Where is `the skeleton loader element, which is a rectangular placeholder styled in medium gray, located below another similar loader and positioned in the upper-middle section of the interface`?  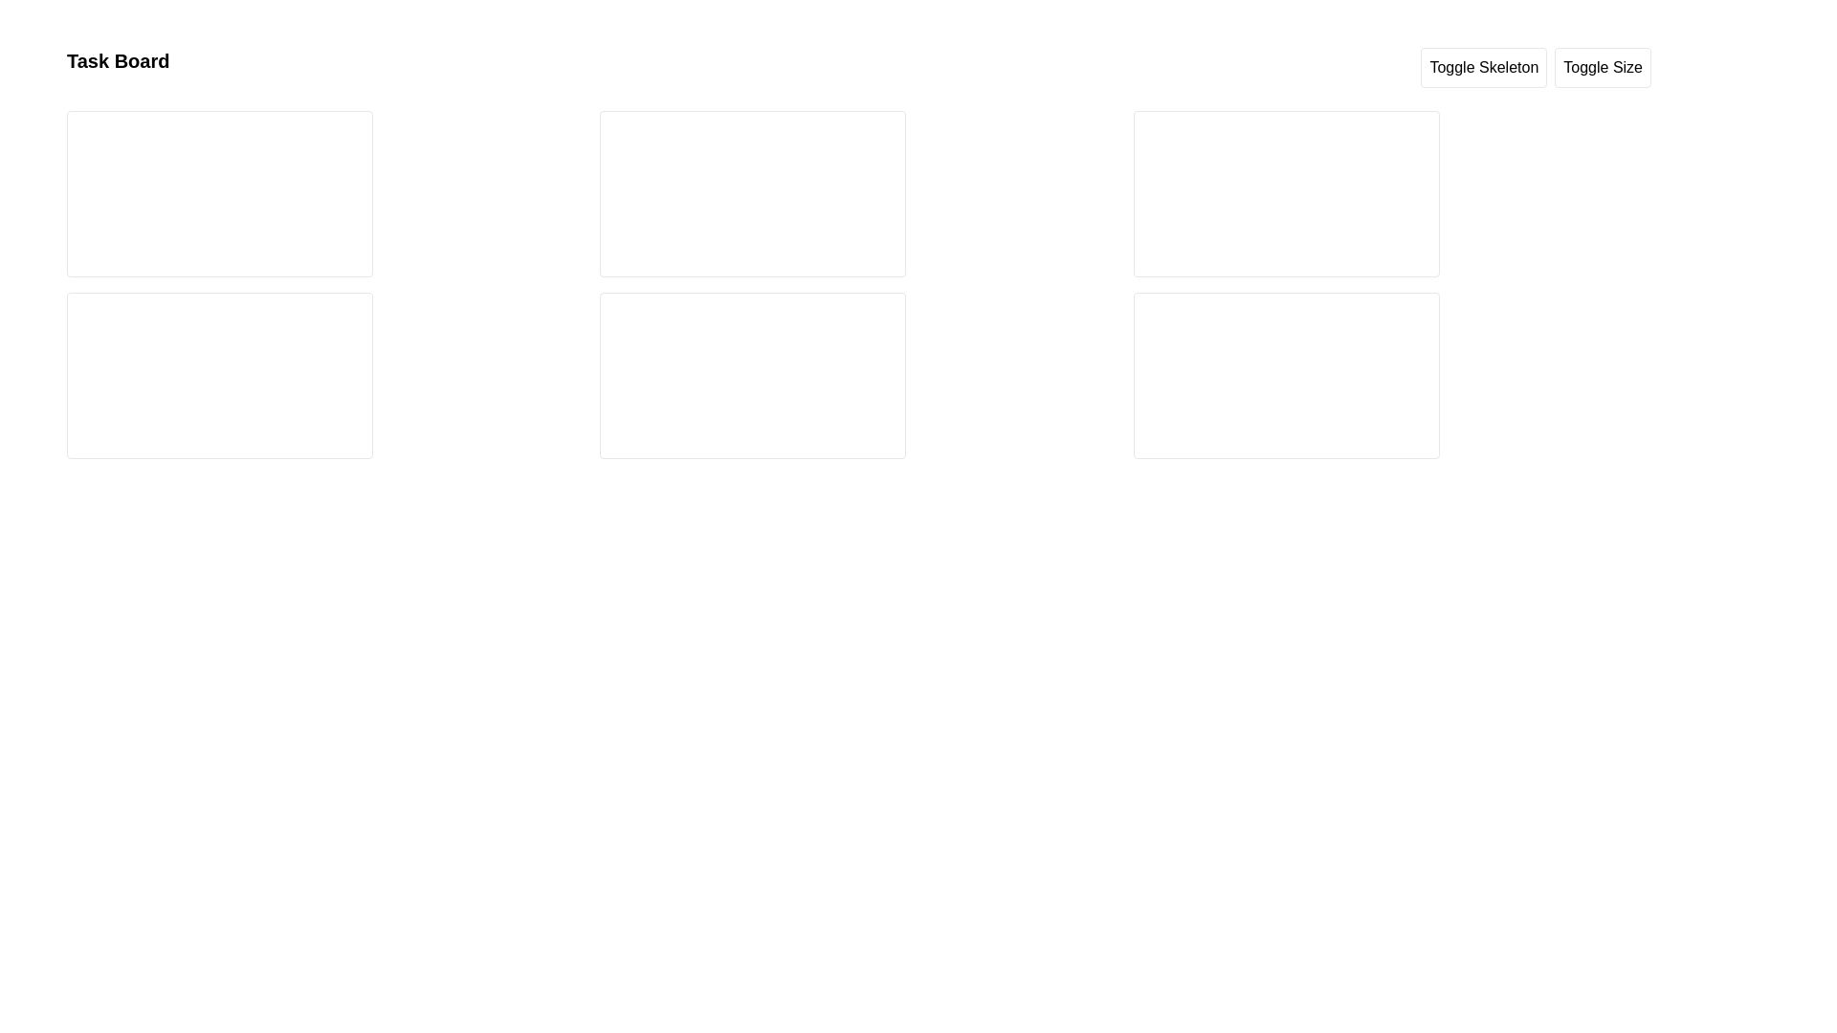 the skeleton loader element, which is a rectangular placeholder styled in medium gray, located below another similar loader and positioned in the upper-middle section of the interface is located at coordinates (1253, 157).